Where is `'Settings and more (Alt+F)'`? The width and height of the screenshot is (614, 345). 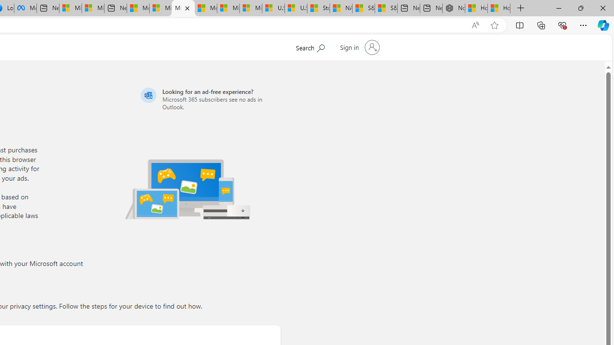 'Settings and more (Alt+F)' is located at coordinates (583, 24).